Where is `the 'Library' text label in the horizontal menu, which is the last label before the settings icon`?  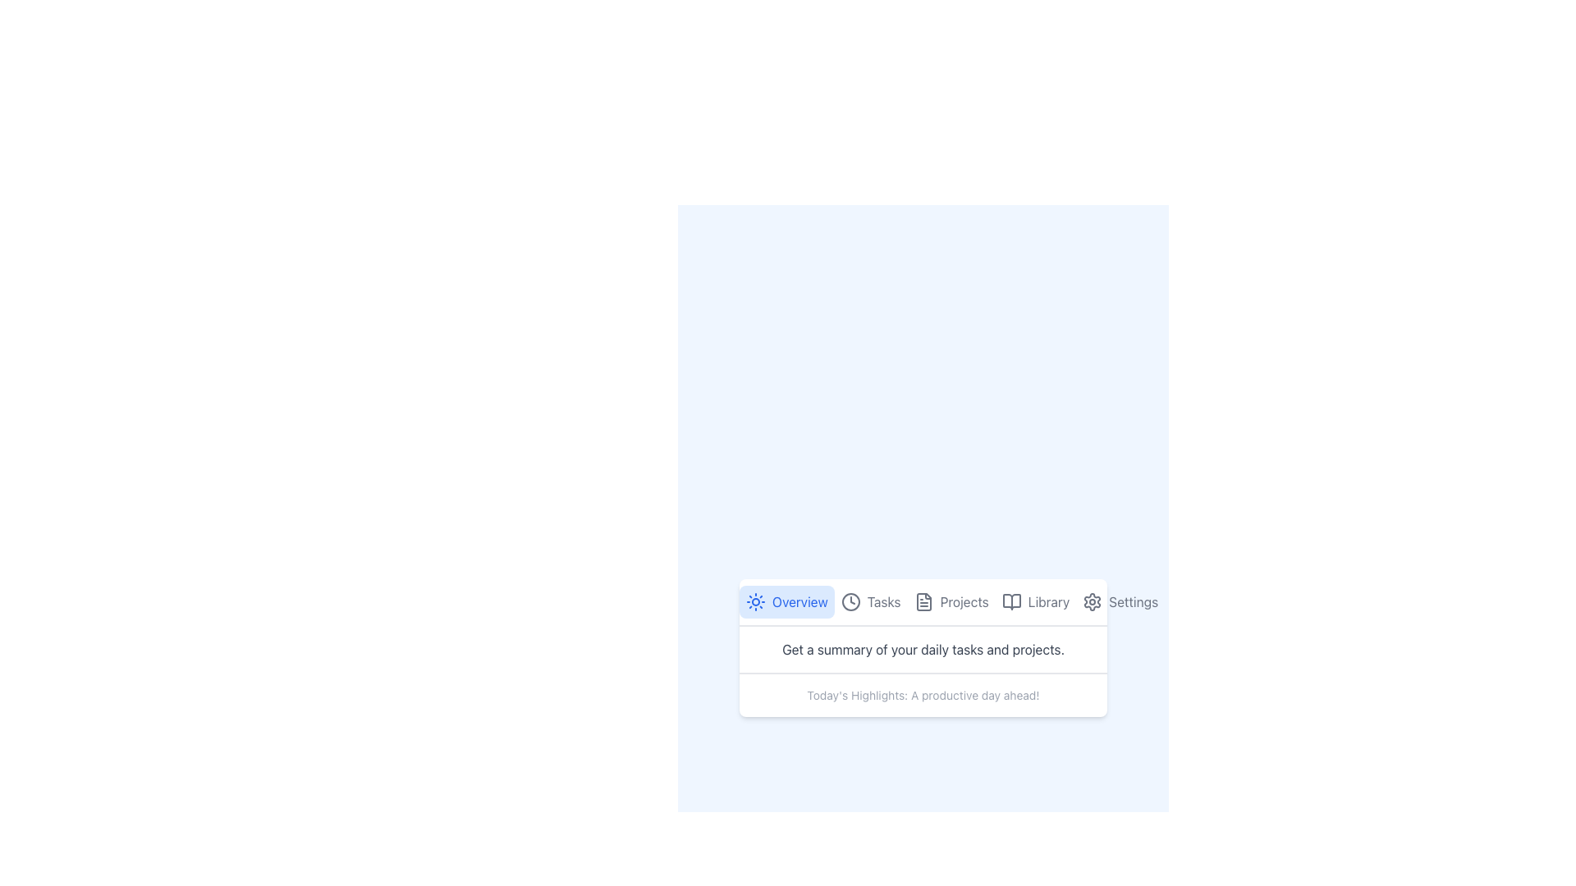 the 'Library' text label in the horizontal menu, which is the last label before the settings icon is located at coordinates (1047, 601).